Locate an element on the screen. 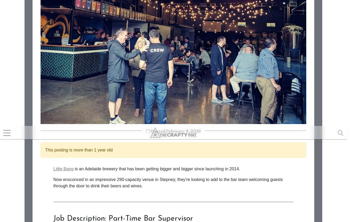  'Beermash have built a reputation as one of the finest places in Melbourne to enjoy a craft beer and pick…' is located at coordinates (259, 199).